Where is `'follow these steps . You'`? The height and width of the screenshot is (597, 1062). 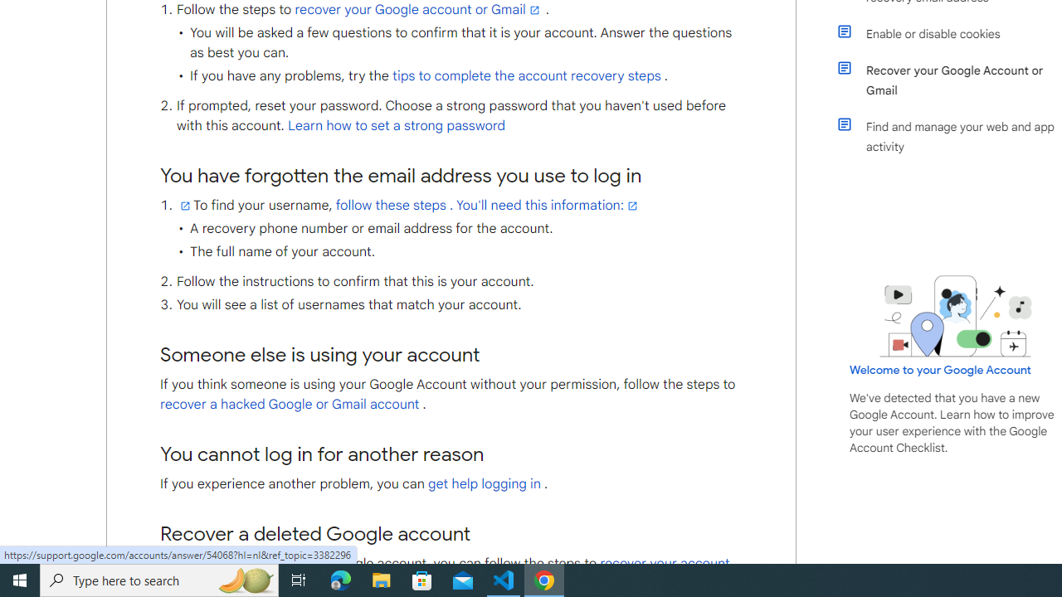 'follow these steps . You' is located at coordinates (487, 205).